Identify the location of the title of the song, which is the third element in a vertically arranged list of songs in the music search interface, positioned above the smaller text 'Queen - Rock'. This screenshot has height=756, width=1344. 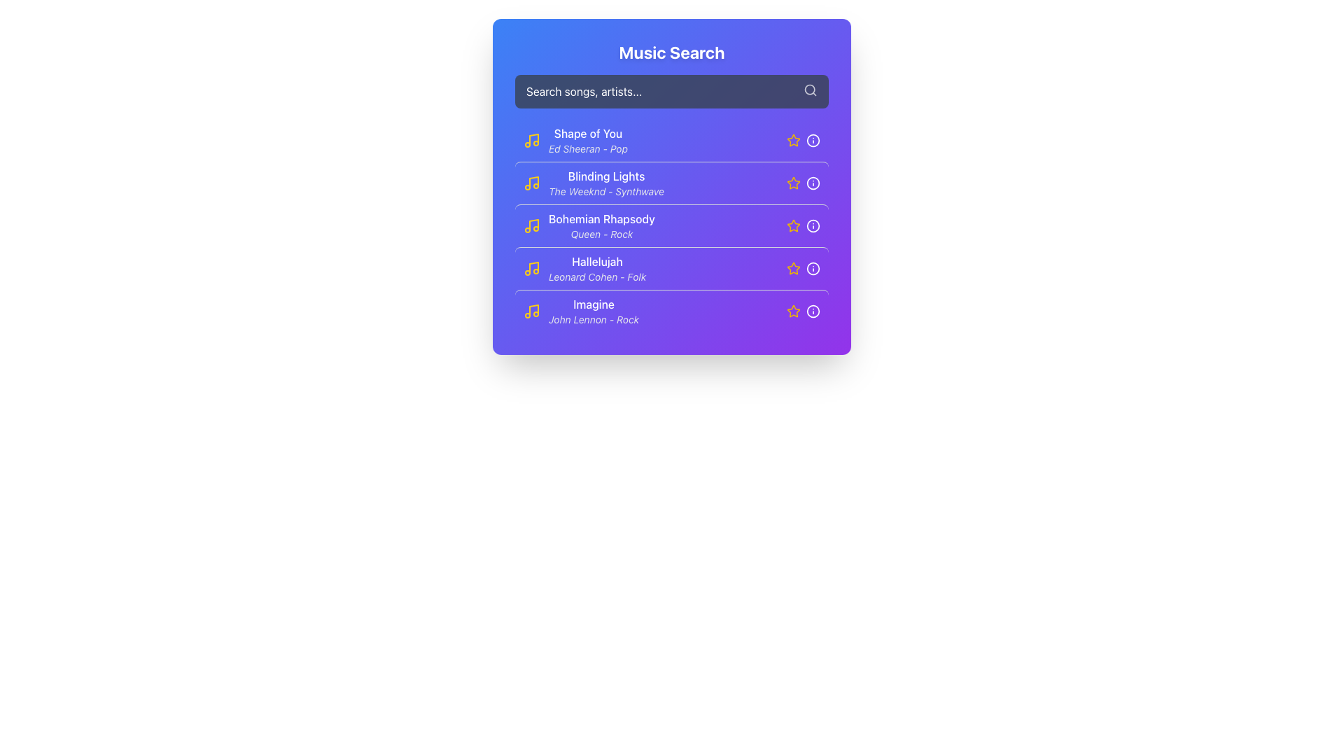
(601, 218).